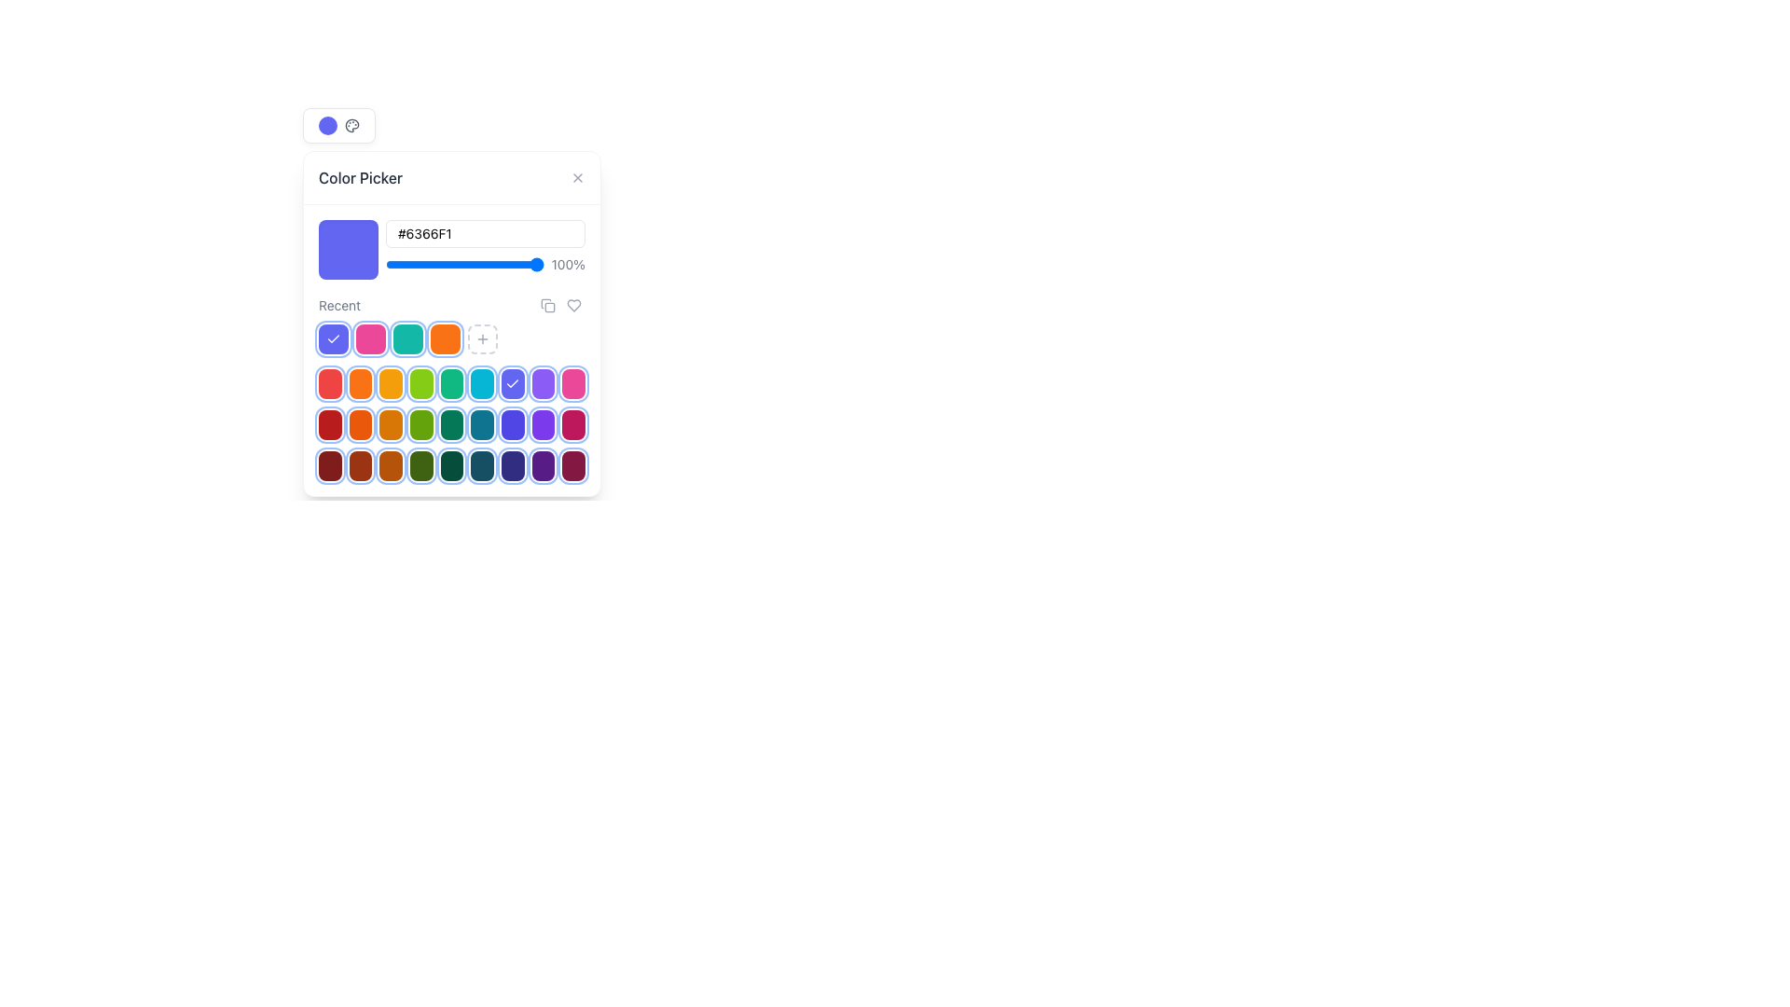 Image resolution: width=1790 pixels, height=1007 pixels. Describe the element at coordinates (361, 424) in the screenshot. I see `the second color swatch in the color picker popup` at that location.